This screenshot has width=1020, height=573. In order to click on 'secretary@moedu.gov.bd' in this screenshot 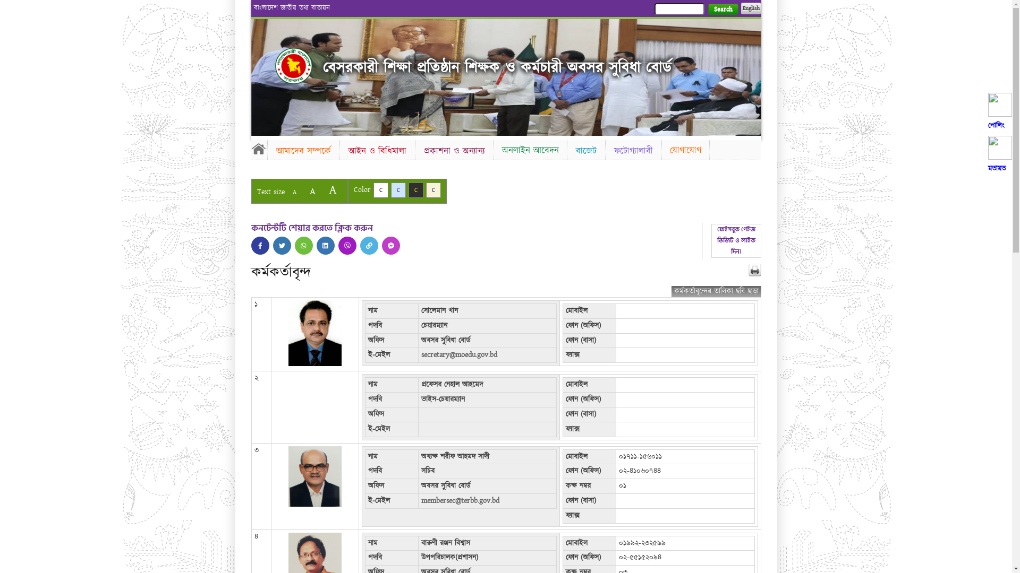, I will do `click(459, 354)`.